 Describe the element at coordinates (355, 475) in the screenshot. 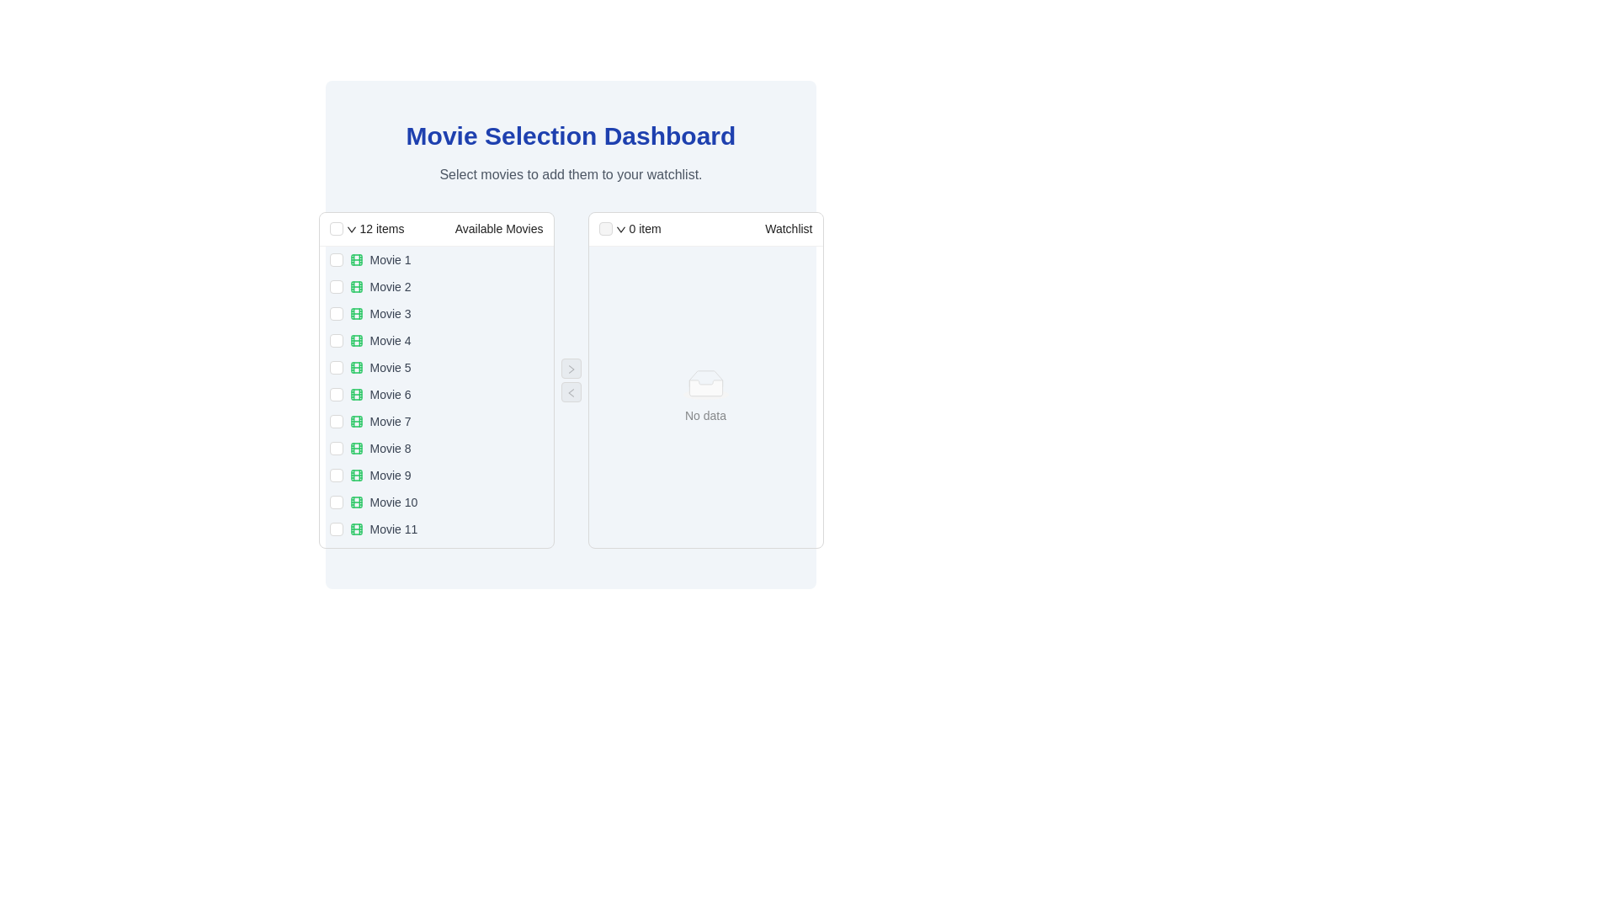

I see `the movie category icon for 'Movie 9', which is the first icon in the row containing the text label 'Movie 9' and is adjacent to the checkbox` at that location.